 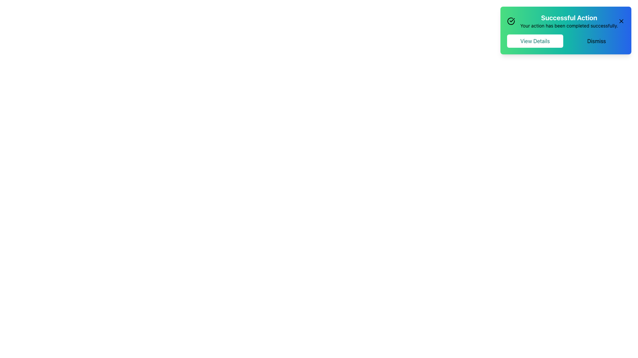 I want to click on the success icon located at the top-right section of the interface, which indicates a successful action, so click(x=510, y=21).